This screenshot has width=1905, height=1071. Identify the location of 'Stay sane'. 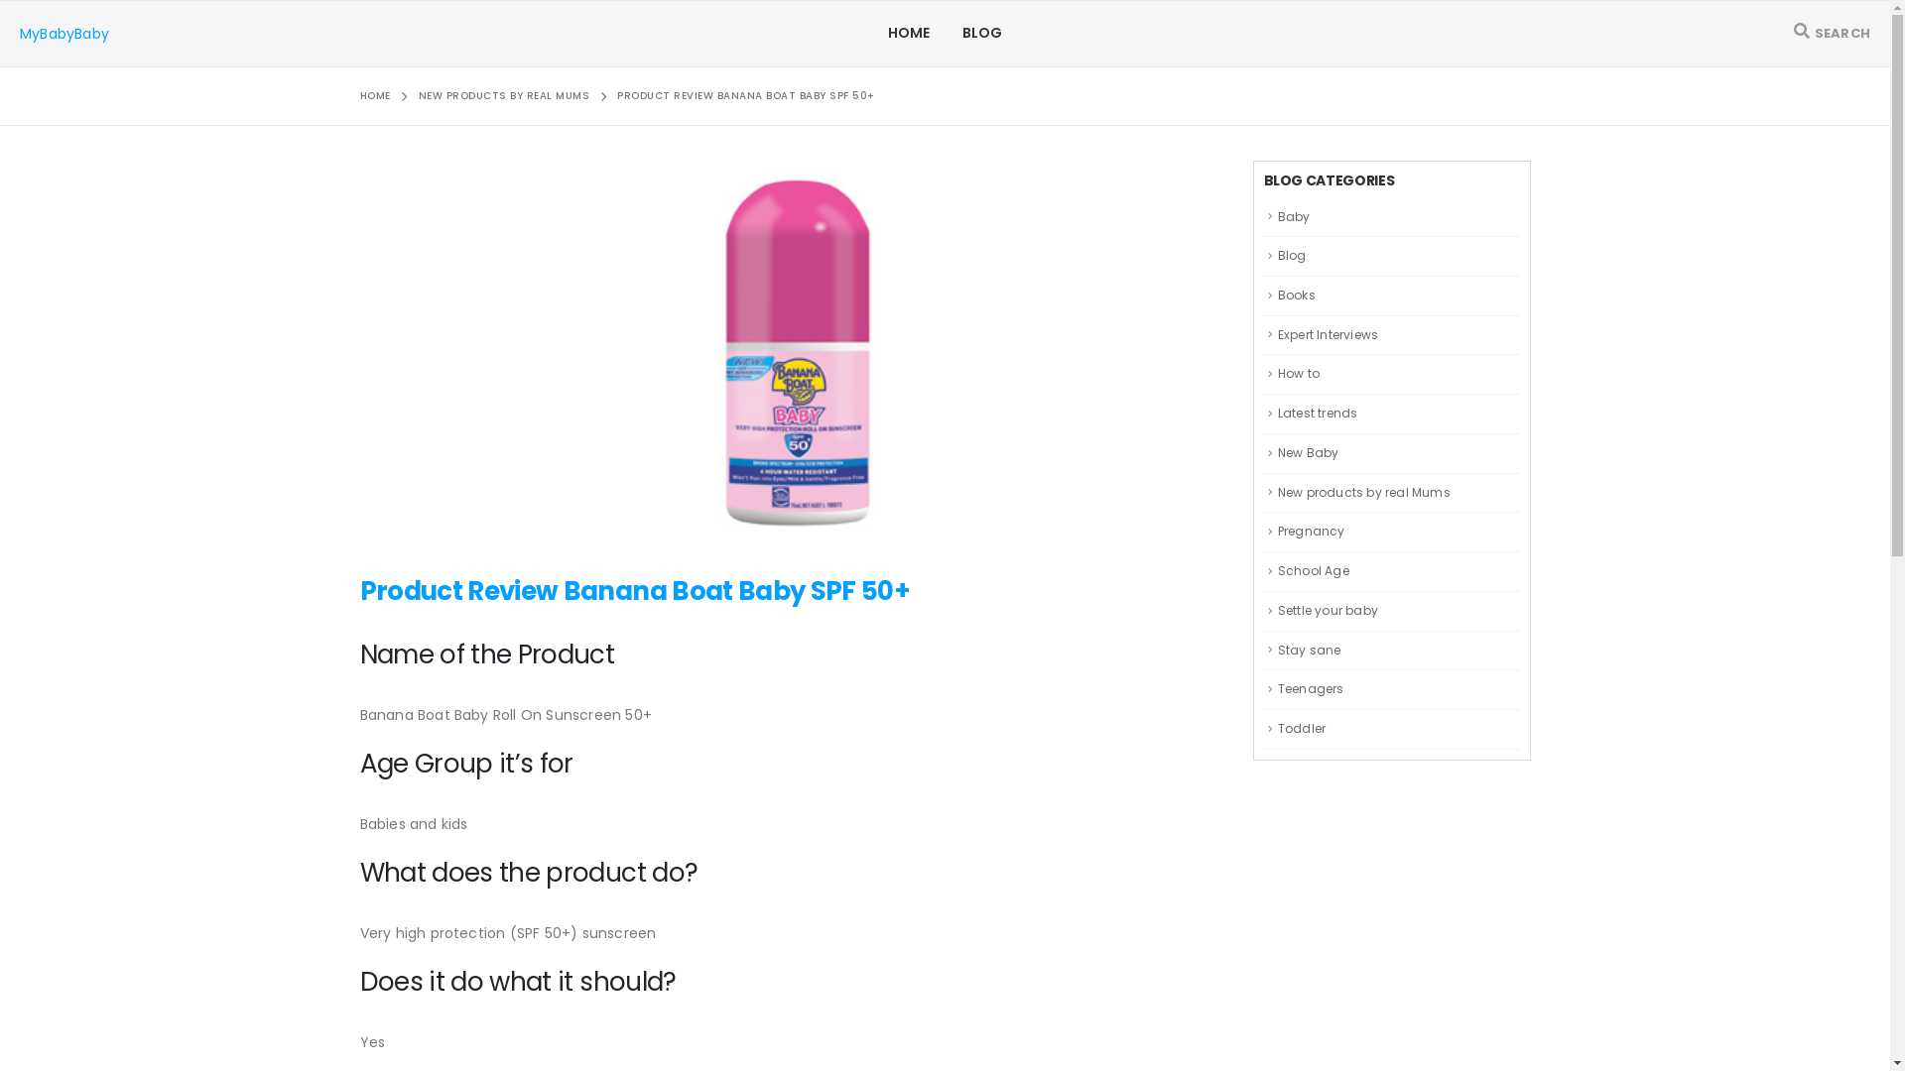
(1277, 649).